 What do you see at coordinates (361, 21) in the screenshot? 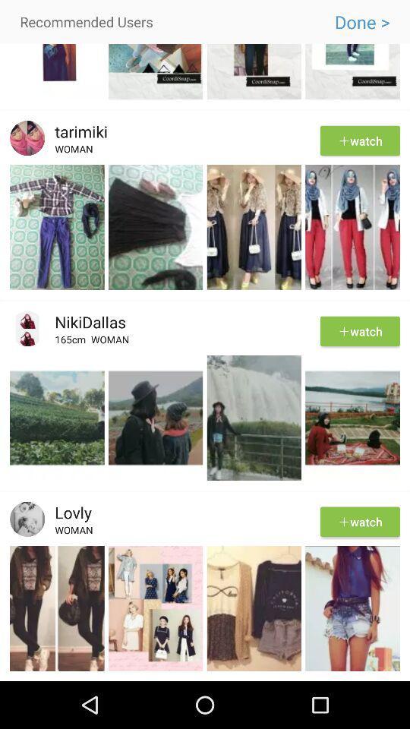
I see `done >` at bounding box center [361, 21].